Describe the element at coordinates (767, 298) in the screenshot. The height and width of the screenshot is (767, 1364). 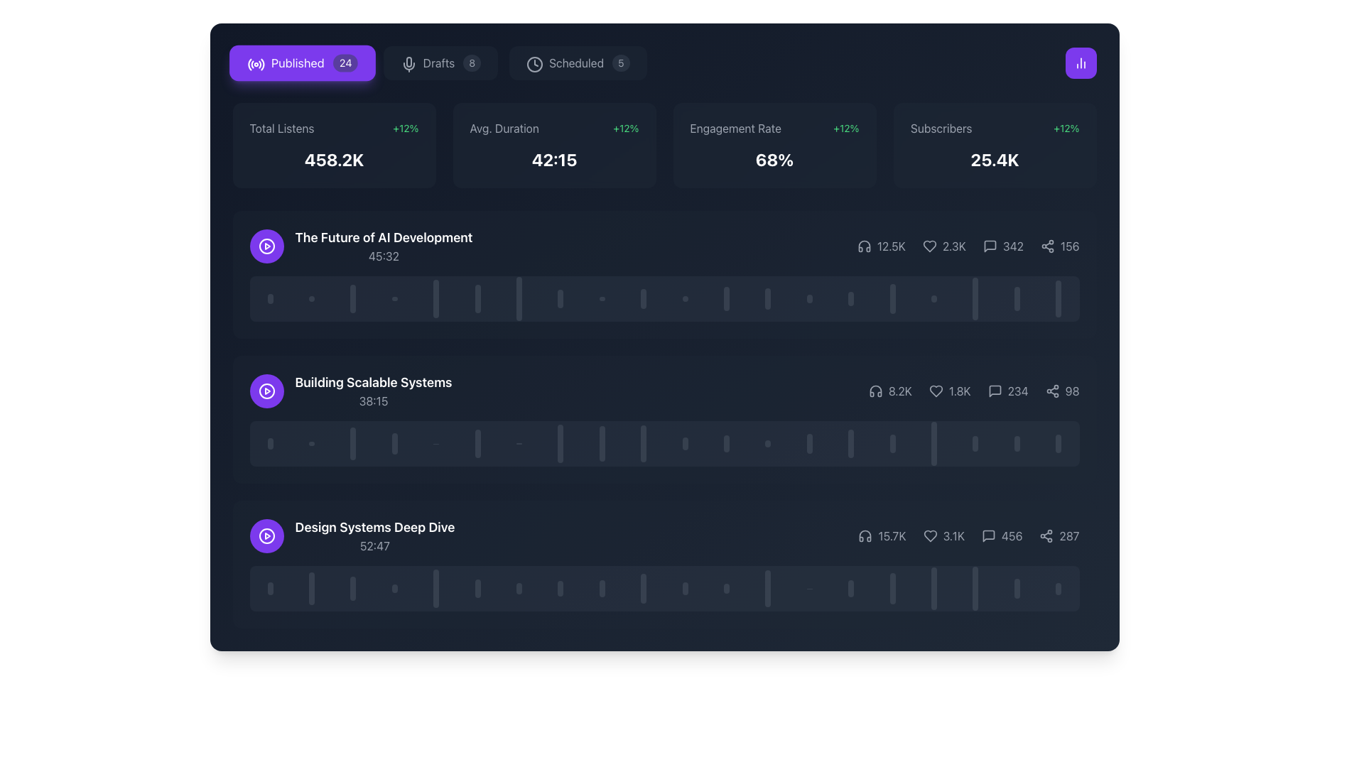
I see `the 13th vertical bar indicator in a grouped layout, which visually represents a data point in a chart-like component` at that location.